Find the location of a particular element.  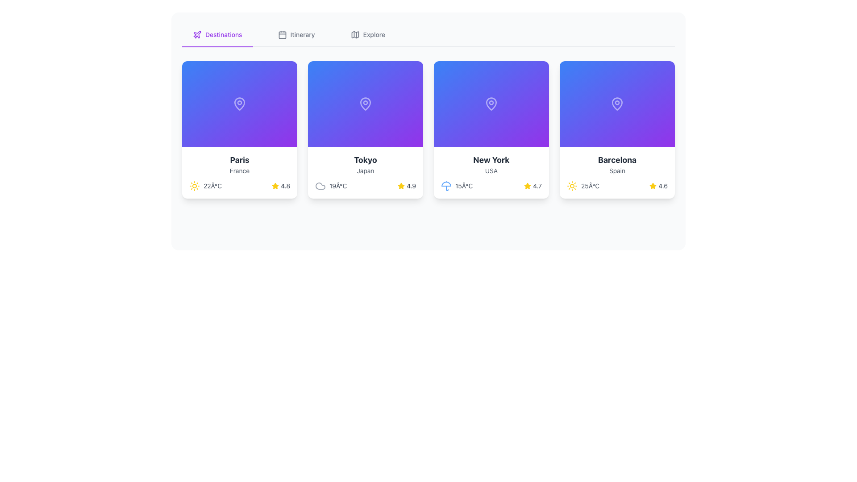

text displayed on the title label of the first city card, which is located in the upper region of the white section below the blue gradient background is located at coordinates (240, 159).